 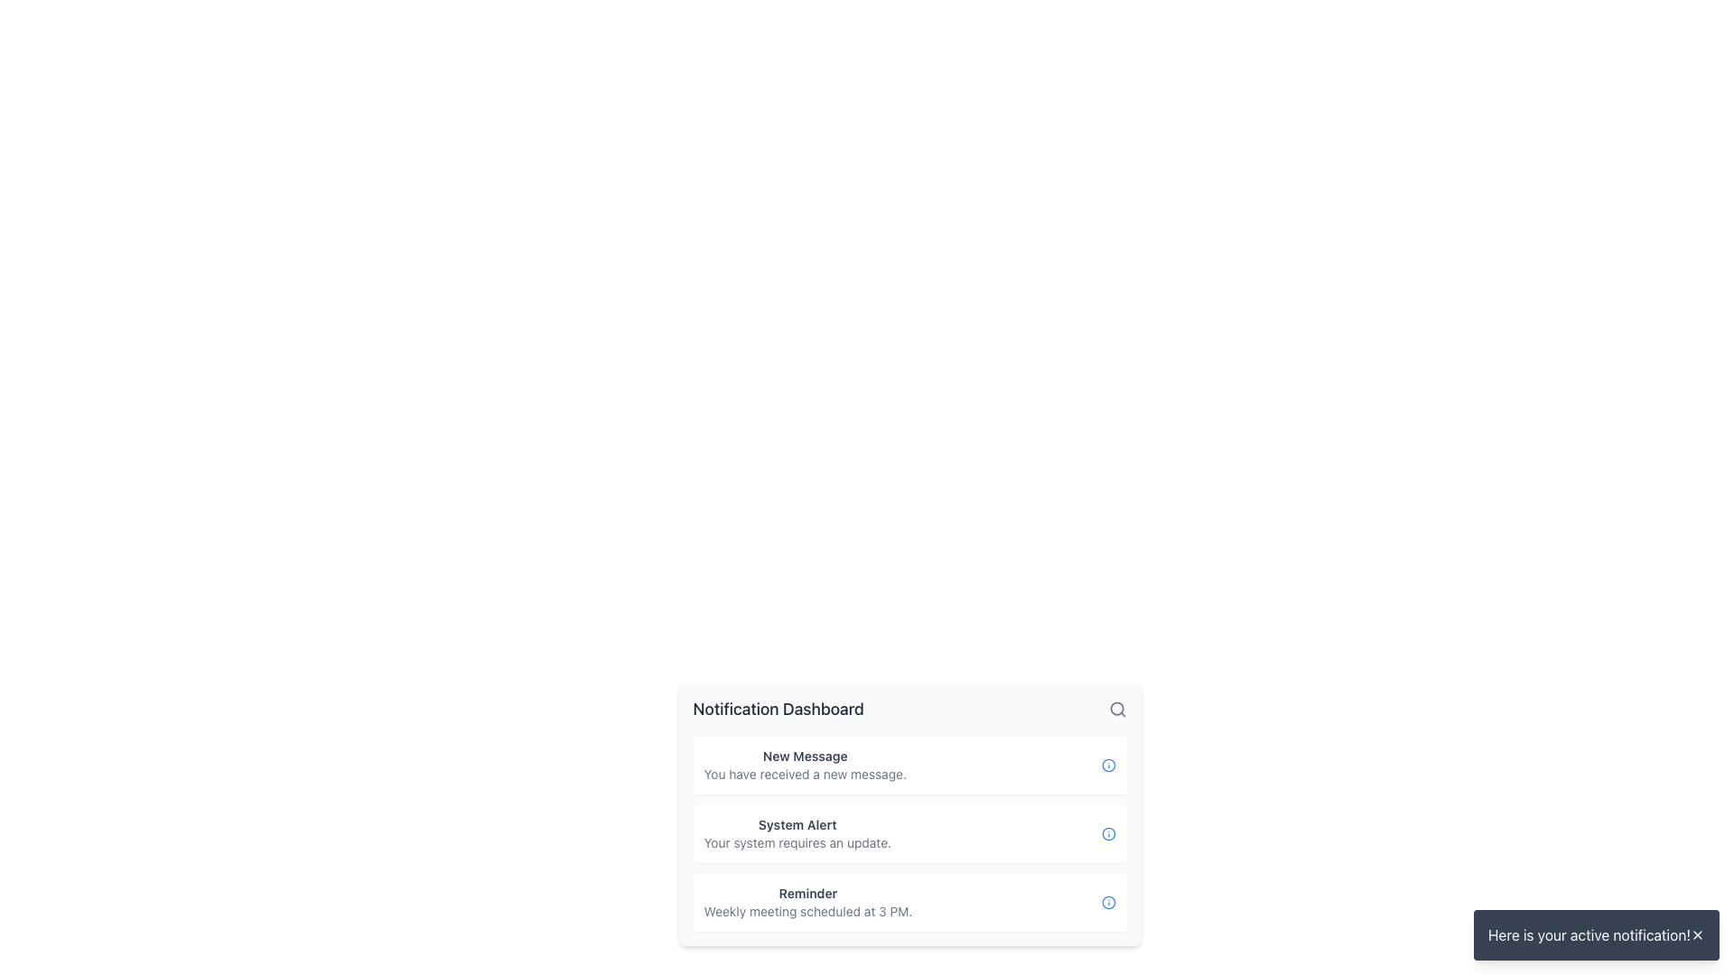 I want to click on the static text element that provides additional details about the notification titled 'New Message', which is positioned directly underneath the 'New Message' text and centered horizontally, so click(x=804, y=773).